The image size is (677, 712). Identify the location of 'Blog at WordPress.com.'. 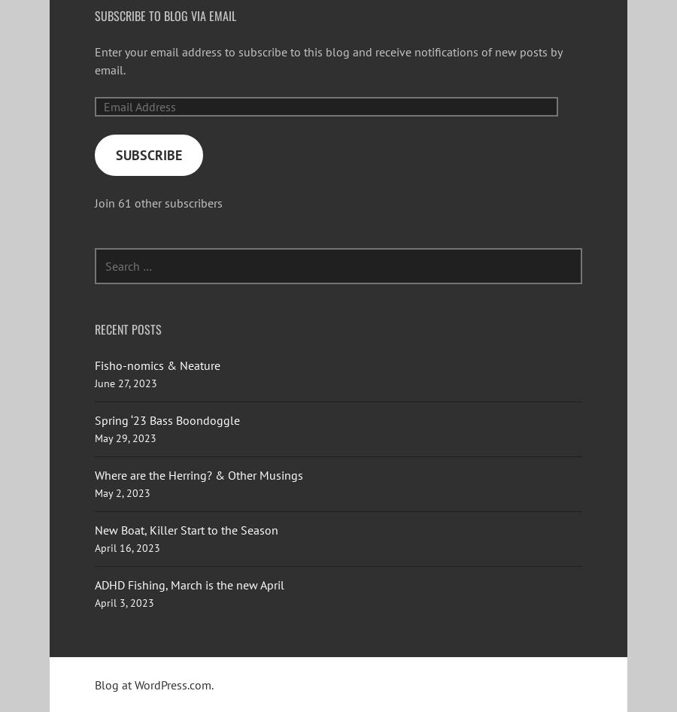
(154, 684).